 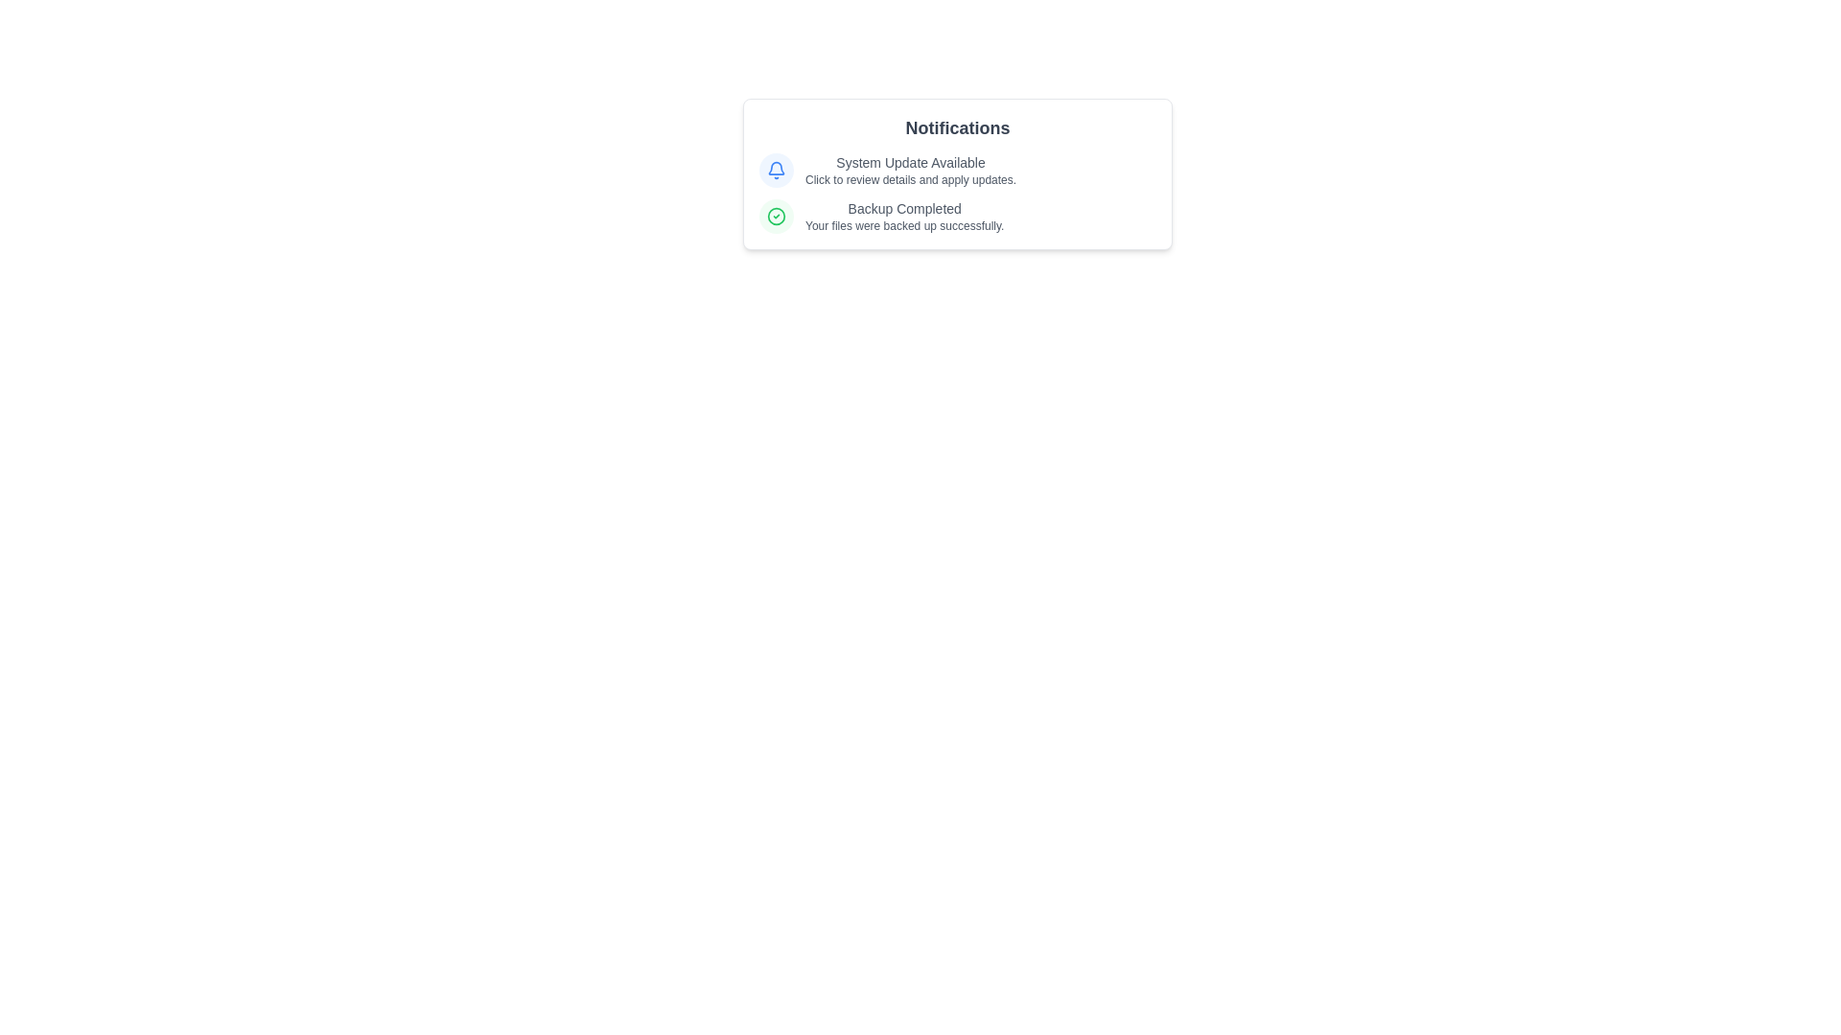 I want to click on the first notification in the Notifications card that alerts the user about a system update, so click(x=957, y=169).